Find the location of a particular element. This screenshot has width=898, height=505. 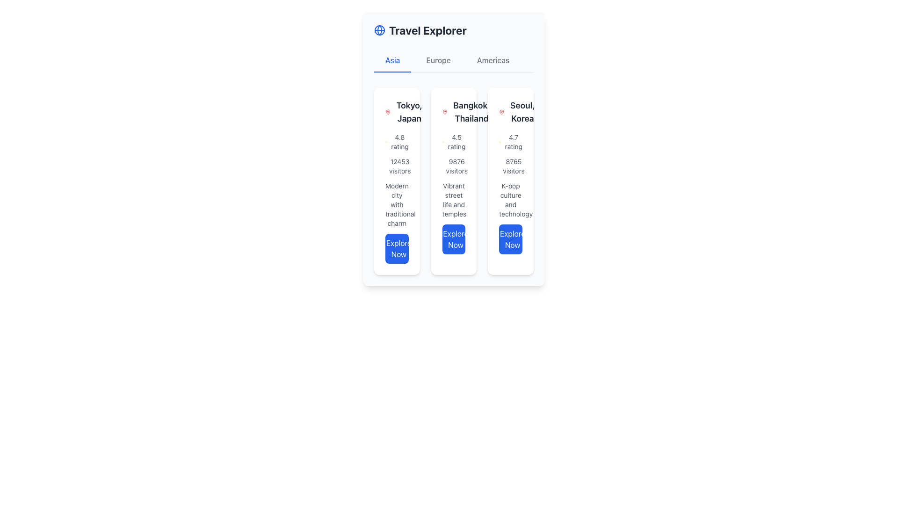

the bold and large-sized title text label displaying 'Travel Explorer' in dark gray color, located at the top-center of the interface is located at coordinates (427, 30).